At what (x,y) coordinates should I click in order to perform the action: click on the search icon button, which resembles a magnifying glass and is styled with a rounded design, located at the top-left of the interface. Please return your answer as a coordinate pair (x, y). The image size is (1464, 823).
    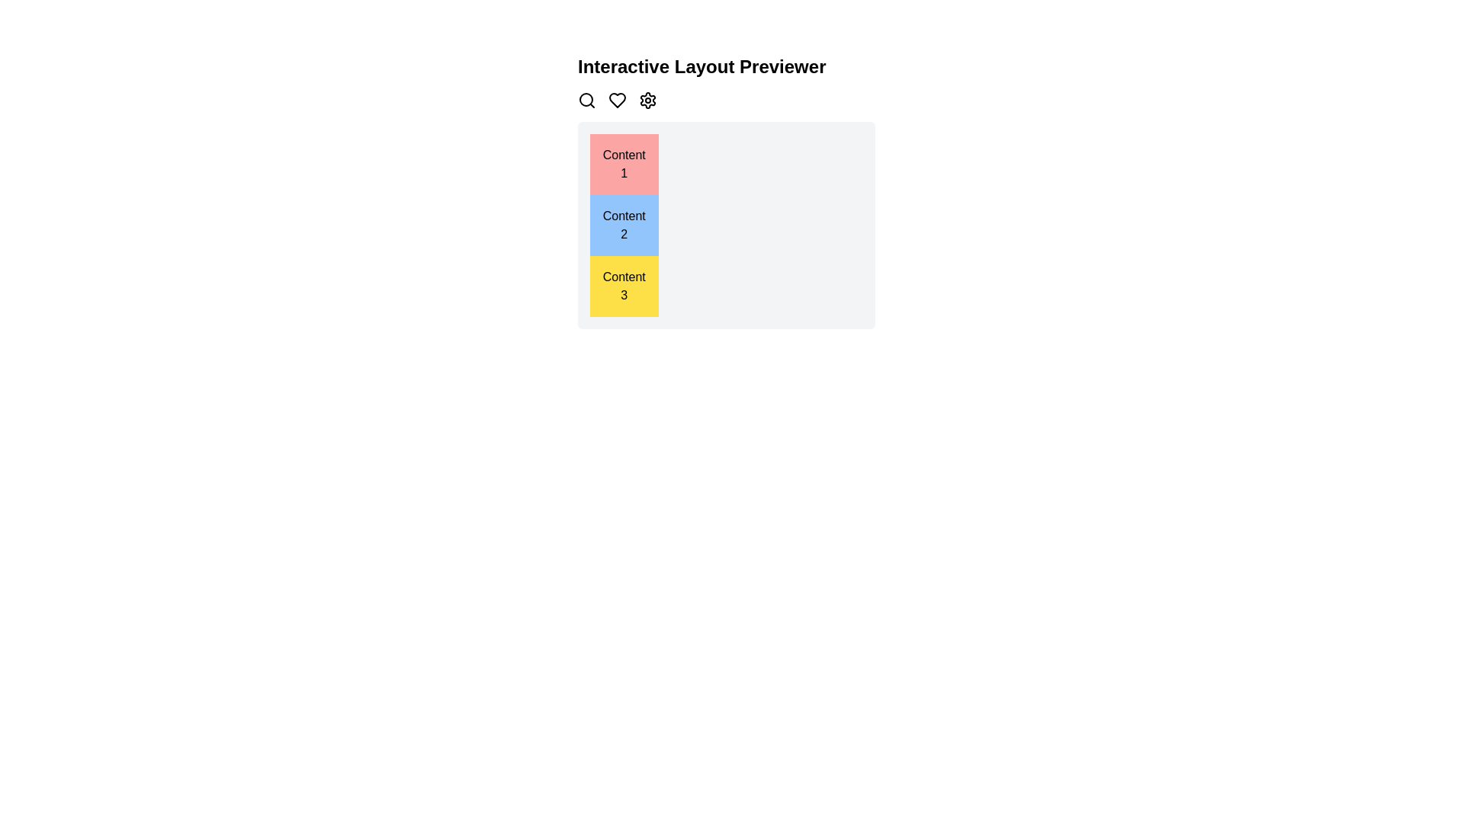
    Looking at the image, I should click on (586, 100).